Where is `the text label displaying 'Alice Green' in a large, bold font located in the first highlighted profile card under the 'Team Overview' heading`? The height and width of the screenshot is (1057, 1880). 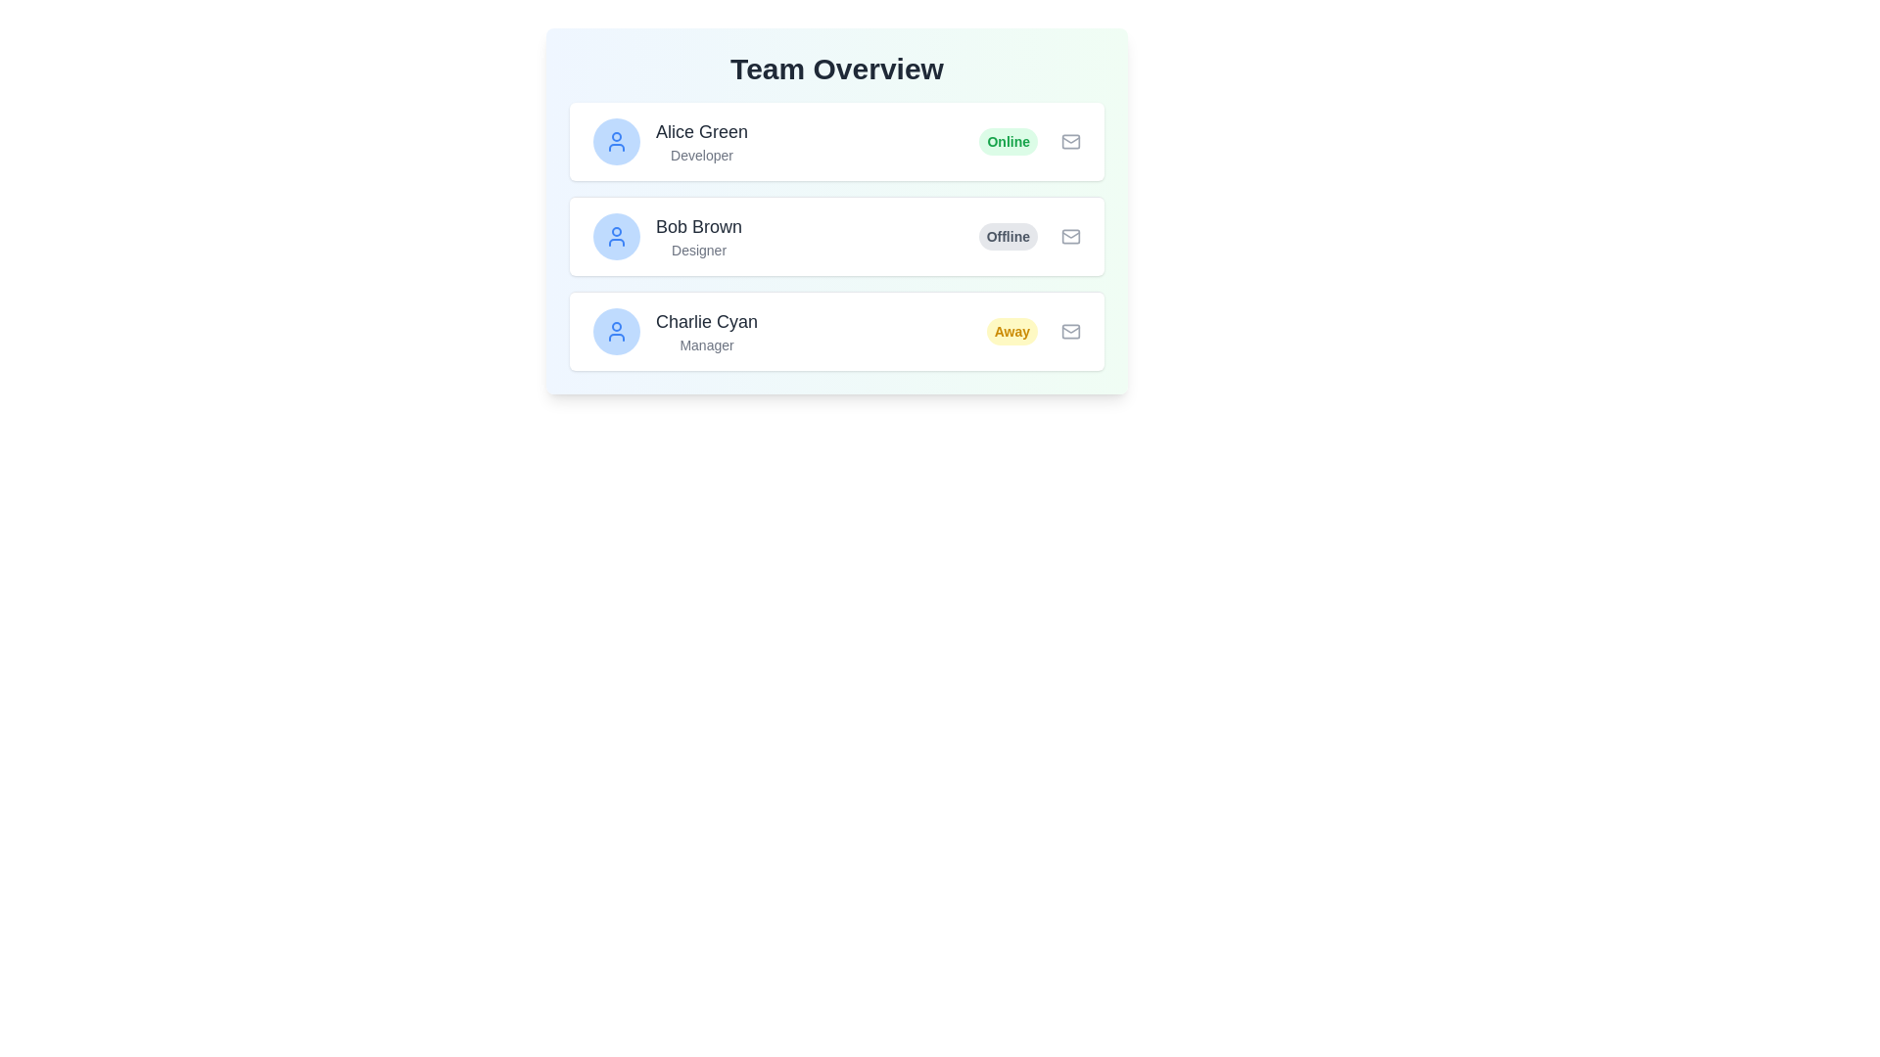
the text label displaying 'Alice Green' in a large, bold font located in the first highlighted profile card under the 'Team Overview' heading is located at coordinates (701, 132).